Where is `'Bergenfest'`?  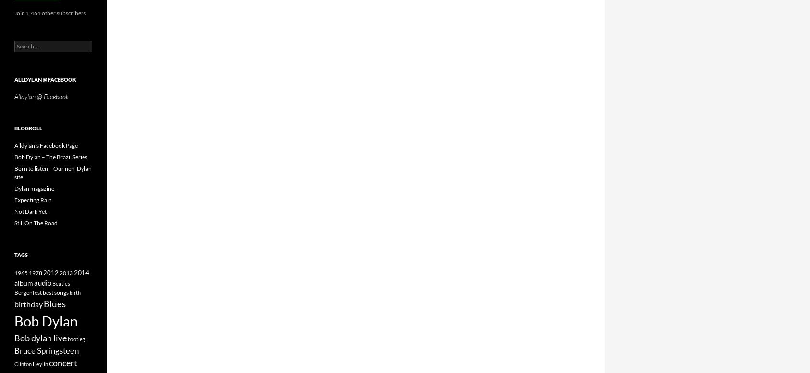
'Bergenfest' is located at coordinates (27, 291).